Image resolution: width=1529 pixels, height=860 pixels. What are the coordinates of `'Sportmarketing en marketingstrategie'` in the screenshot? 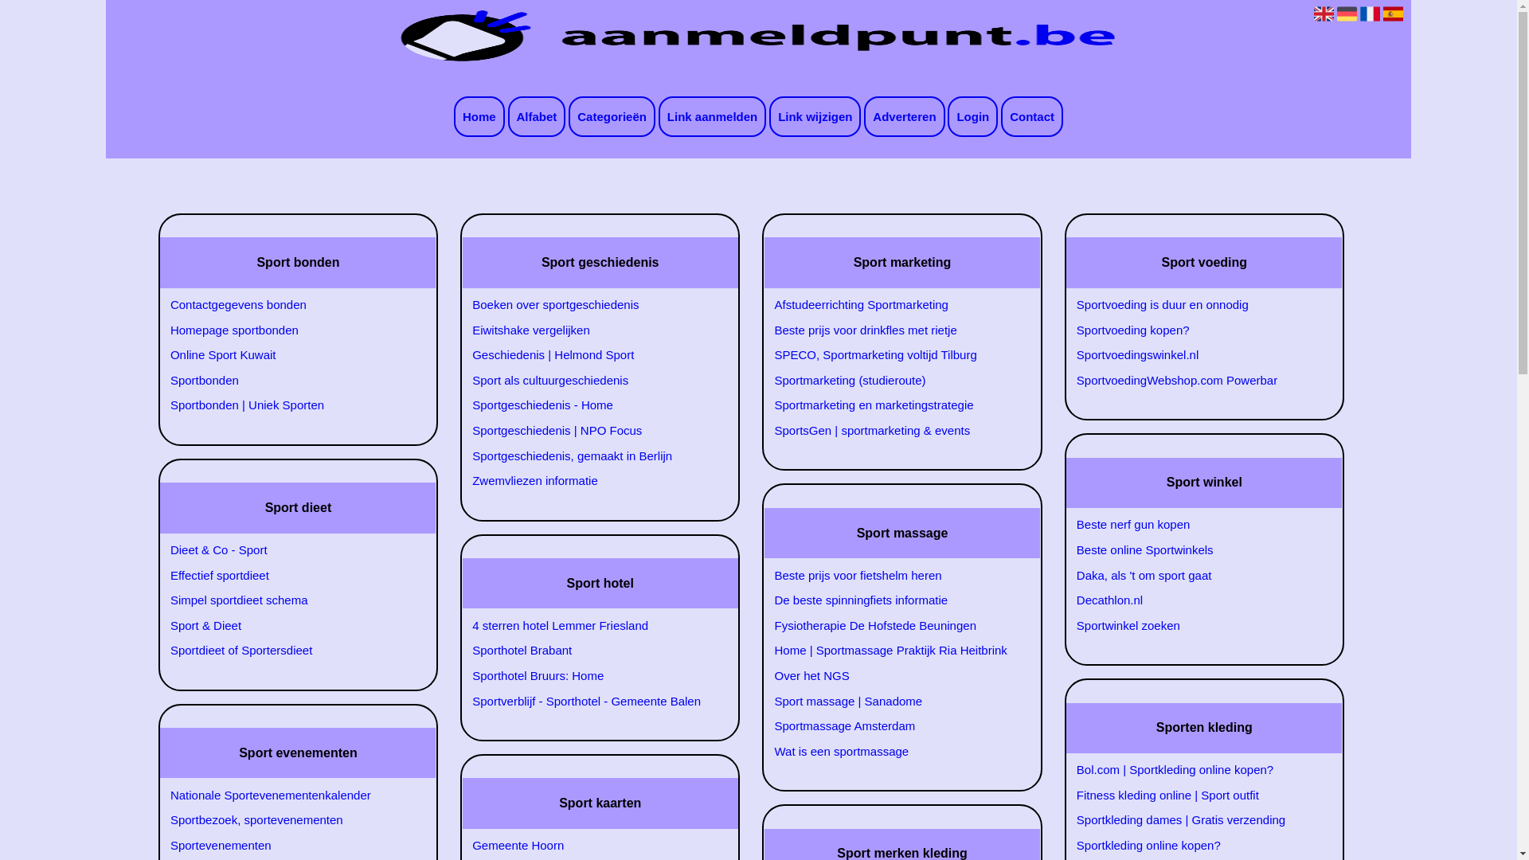 It's located at (893, 405).